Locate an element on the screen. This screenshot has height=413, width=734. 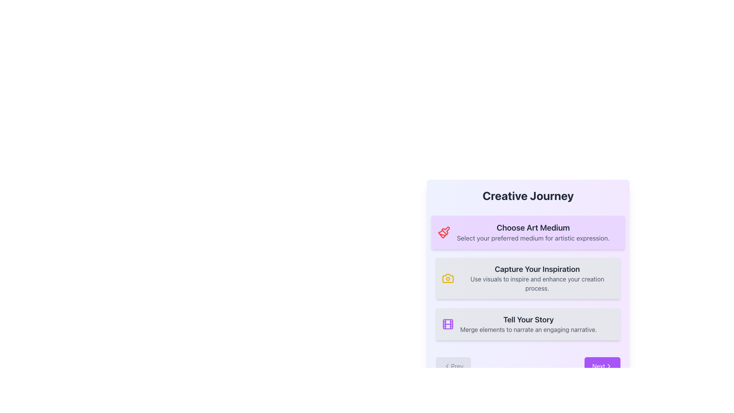
the small rightward-facing chevron arrow icon, which is outlined and located within the bottom-right corner of the interface, likely associated with a 'Next' function is located at coordinates (609, 366).